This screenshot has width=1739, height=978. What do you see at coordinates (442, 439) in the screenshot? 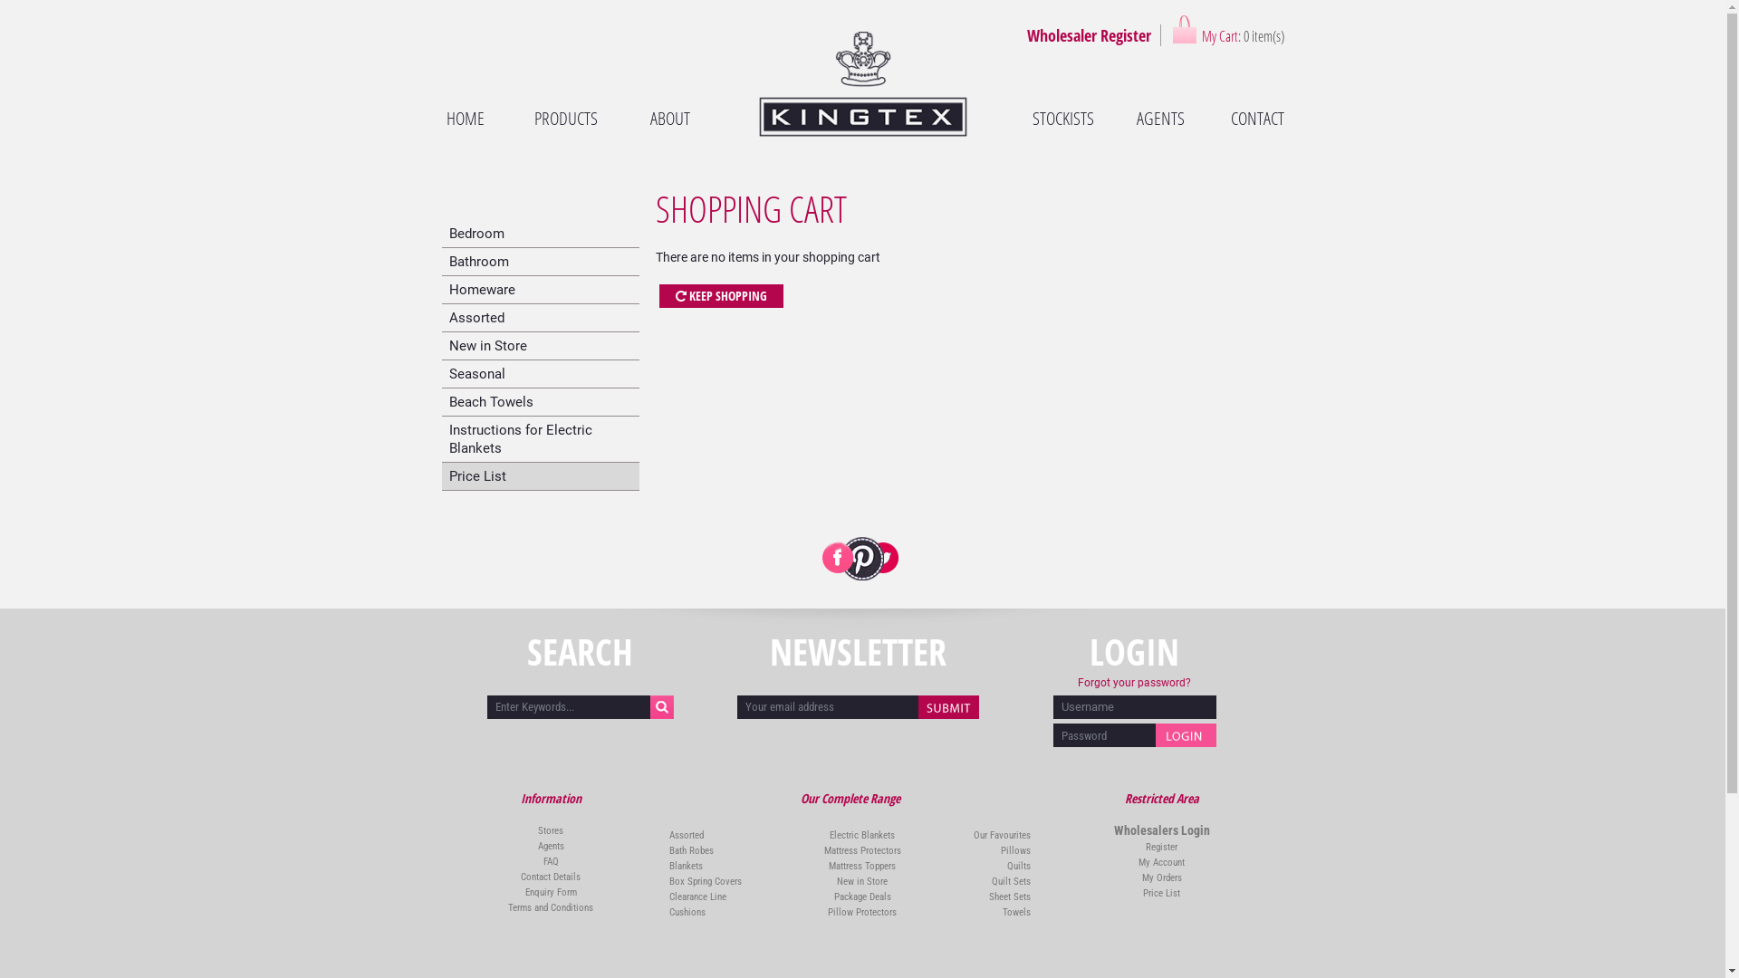
I see `'Instructions for Electric Blankets'` at bounding box center [442, 439].